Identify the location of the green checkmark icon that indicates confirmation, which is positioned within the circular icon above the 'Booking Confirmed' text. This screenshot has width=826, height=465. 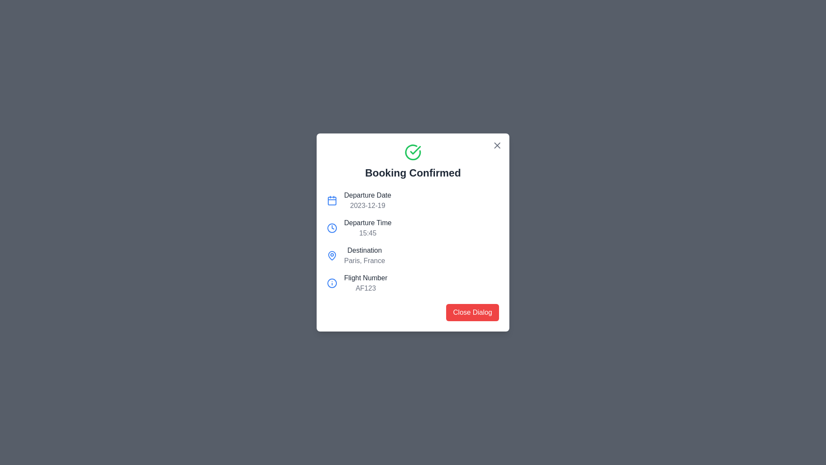
(415, 149).